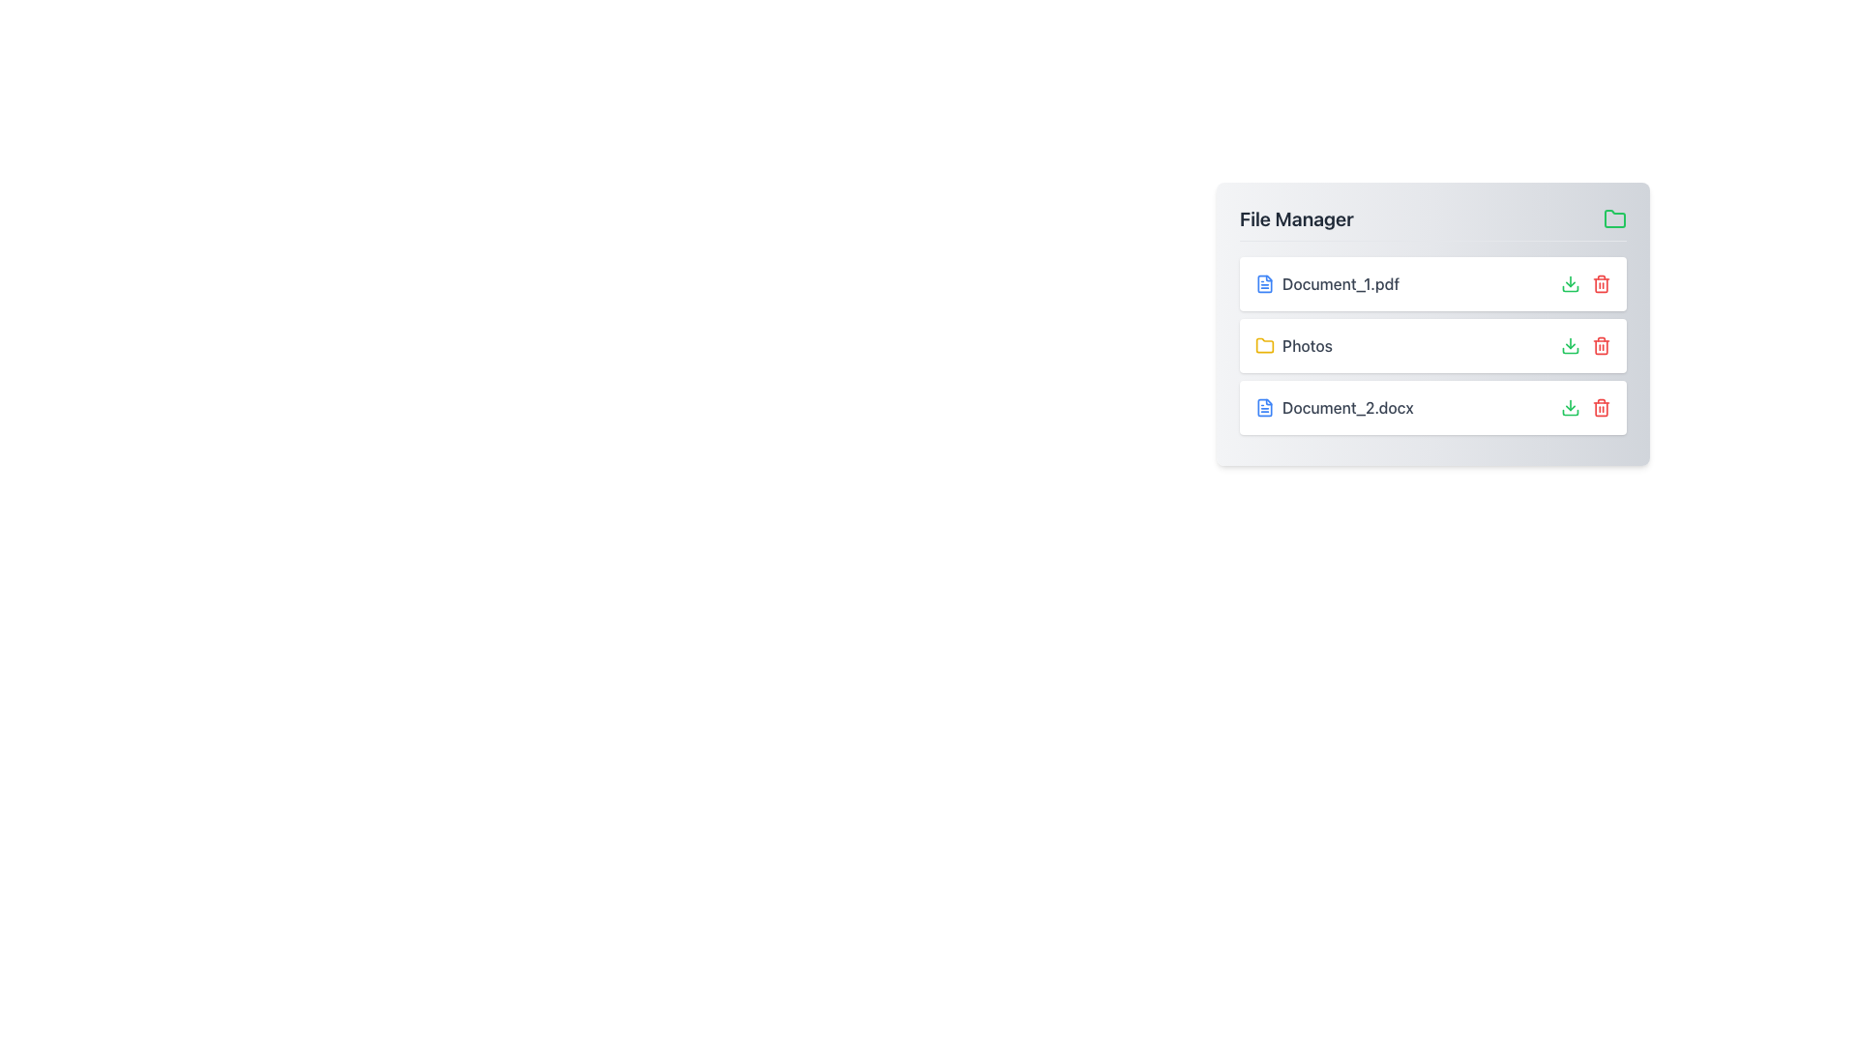 This screenshot has height=1044, width=1857. Describe the element at coordinates (1433, 406) in the screenshot. I see `the interactive buttons of the file entry 'Document_2.docx', which includes the download and delete icons located to the right of the file name` at that location.